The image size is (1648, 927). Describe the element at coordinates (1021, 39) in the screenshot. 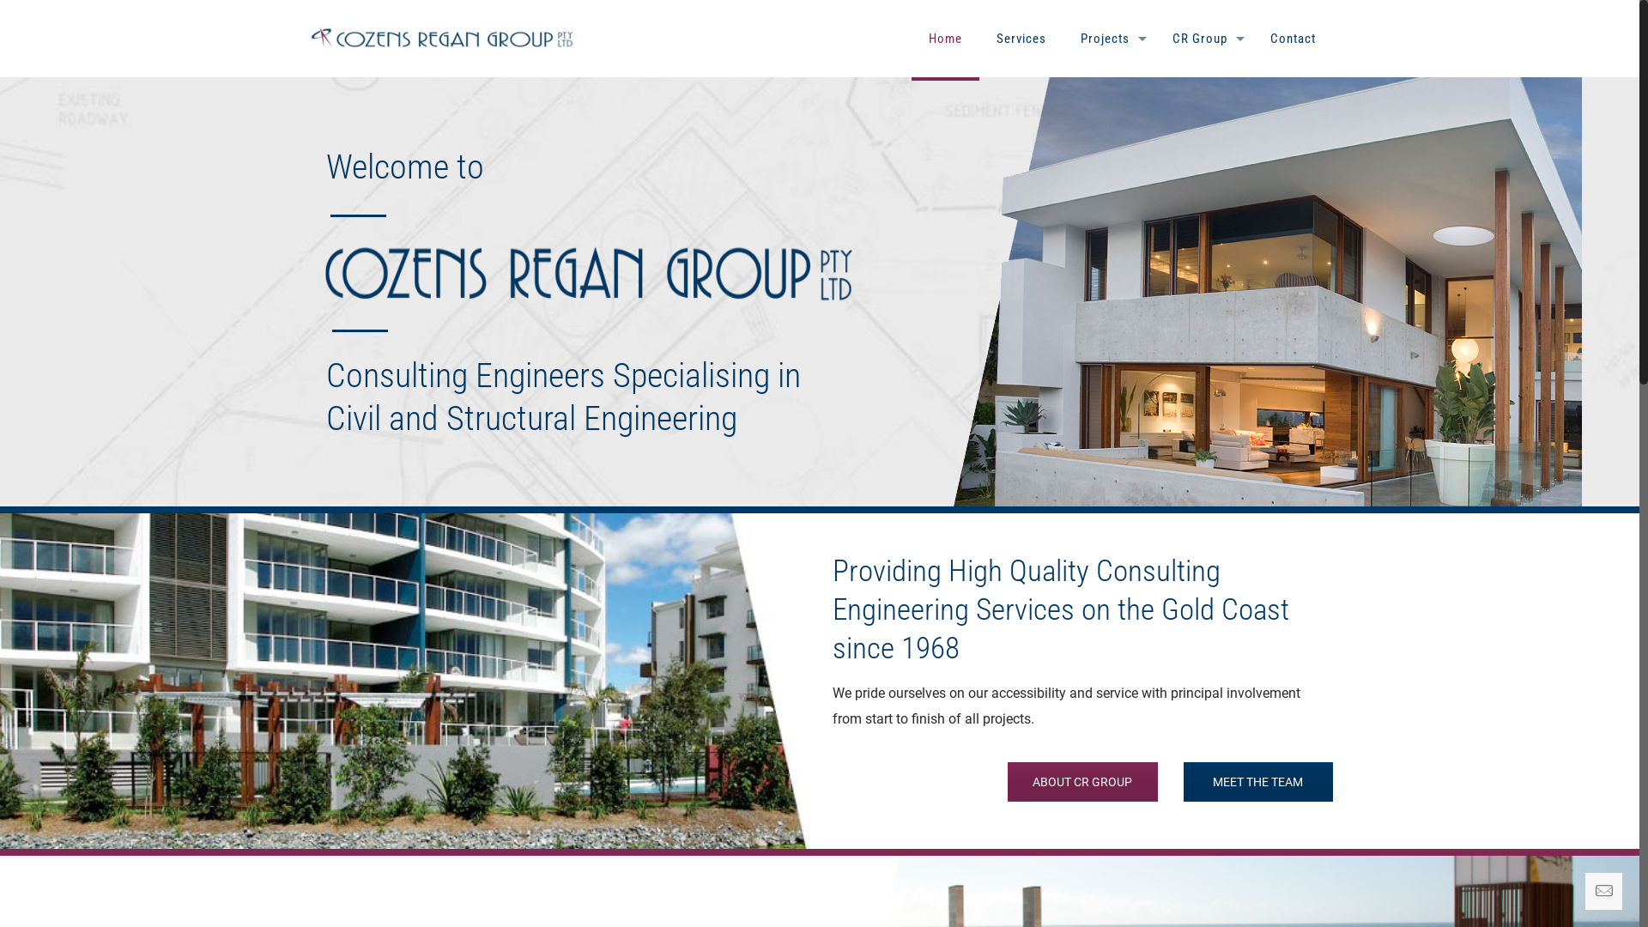

I see `'Services'` at that location.